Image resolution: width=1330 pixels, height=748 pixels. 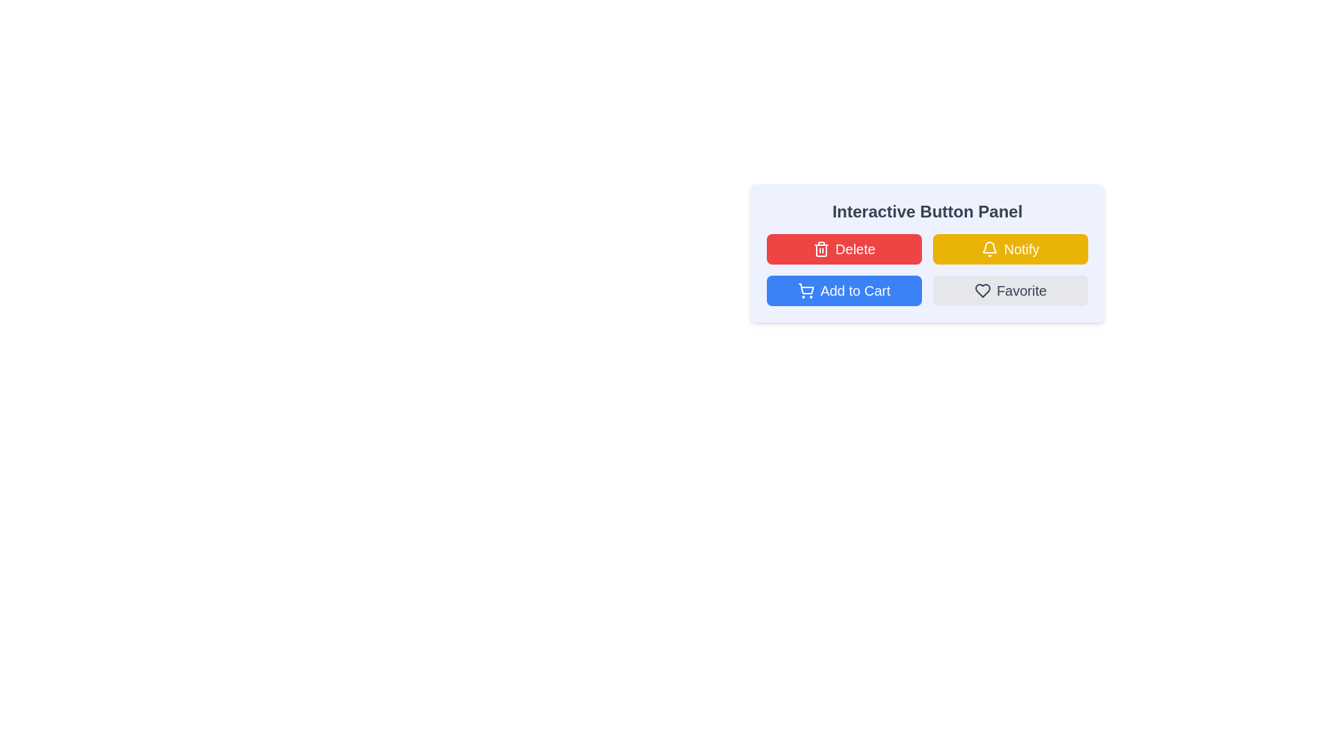 I want to click on the notification trigger button, so click(x=1011, y=248).